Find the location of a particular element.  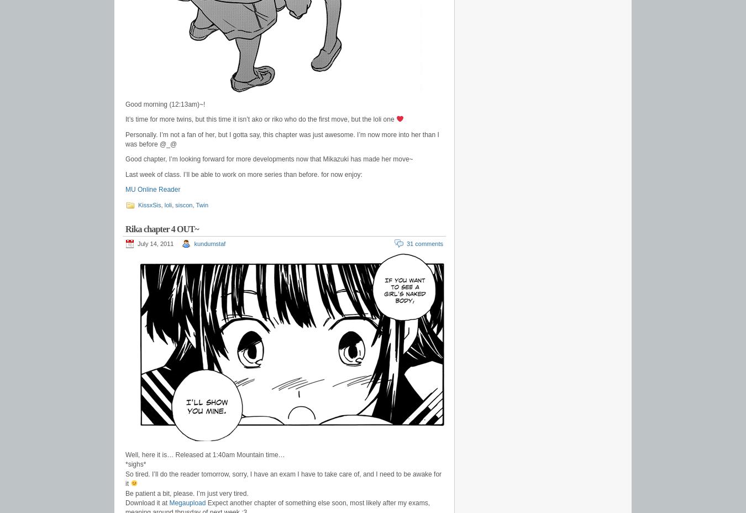

'Good morning (12:13am)~!' is located at coordinates (165, 104).